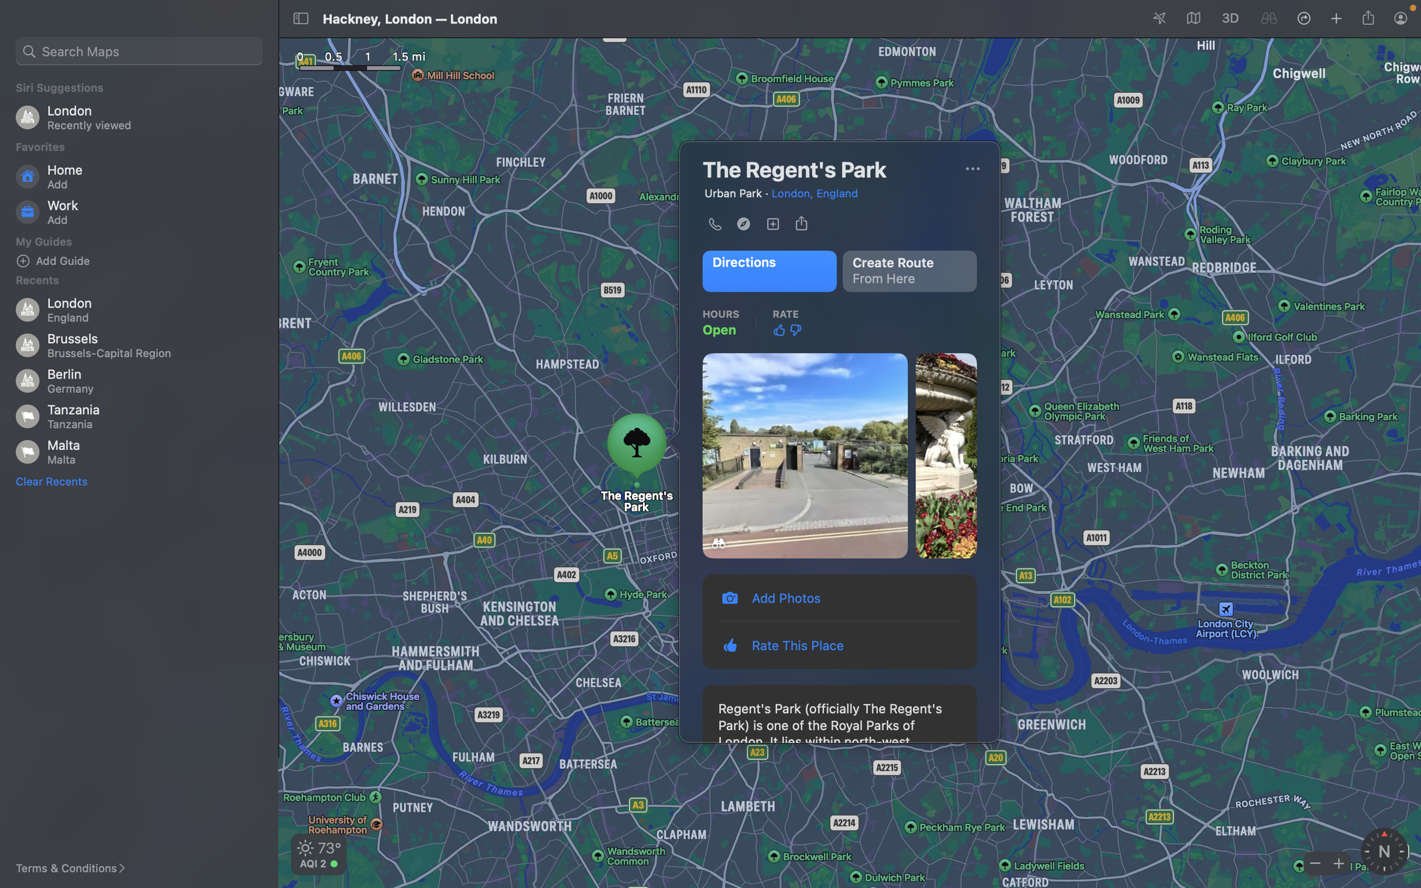 Image resolution: width=1421 pixels, height=888 pixels. I want to click on Scroll through the reviews of the place, so click(2419252, 828948).